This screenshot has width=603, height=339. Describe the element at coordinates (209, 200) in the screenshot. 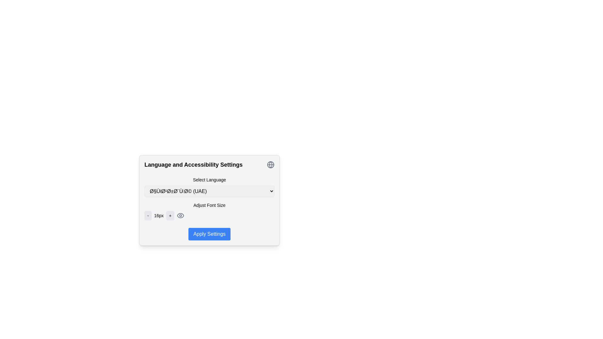

I see `the 'Apply Settings' button located in the Settings panel for configuring language and accessibility preferences` at that location.